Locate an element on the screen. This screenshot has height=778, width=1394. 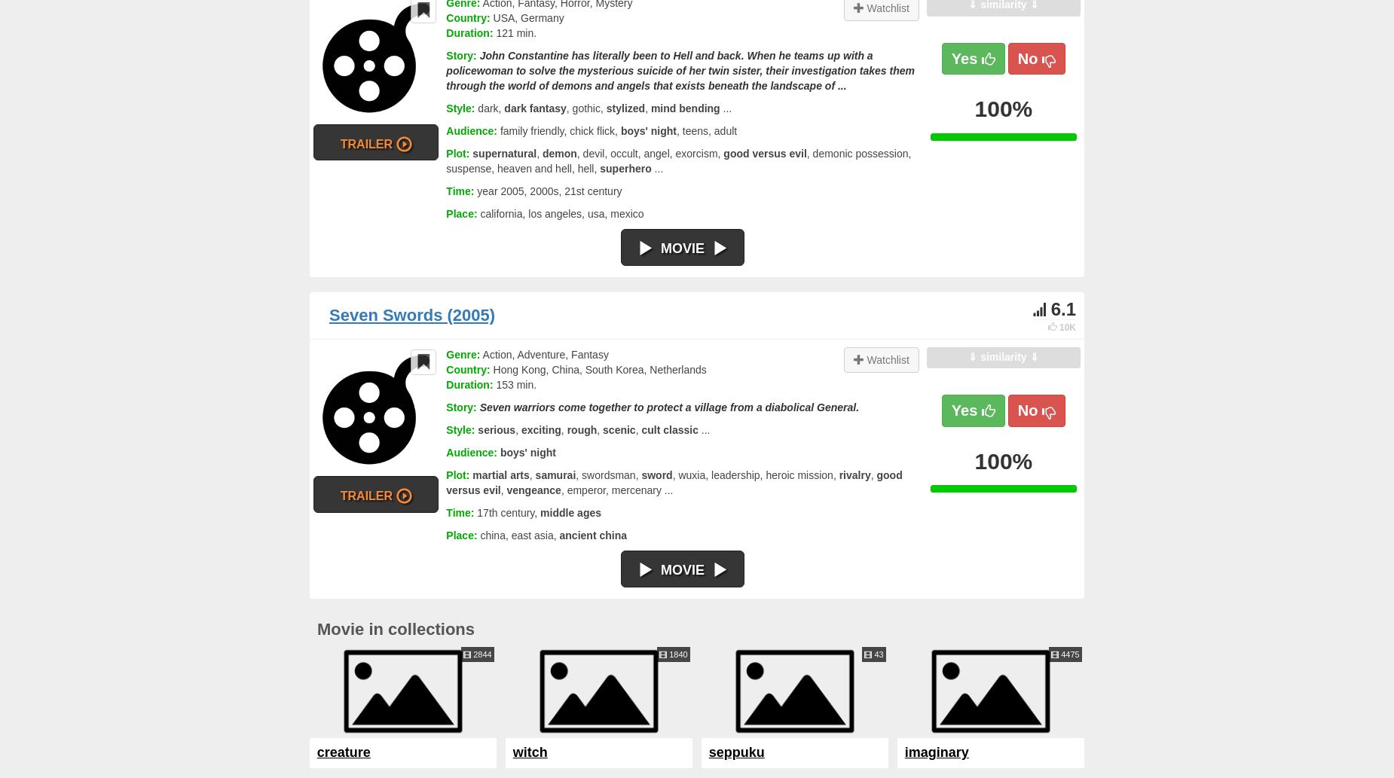
'43' is located at coordinates (876, 653).